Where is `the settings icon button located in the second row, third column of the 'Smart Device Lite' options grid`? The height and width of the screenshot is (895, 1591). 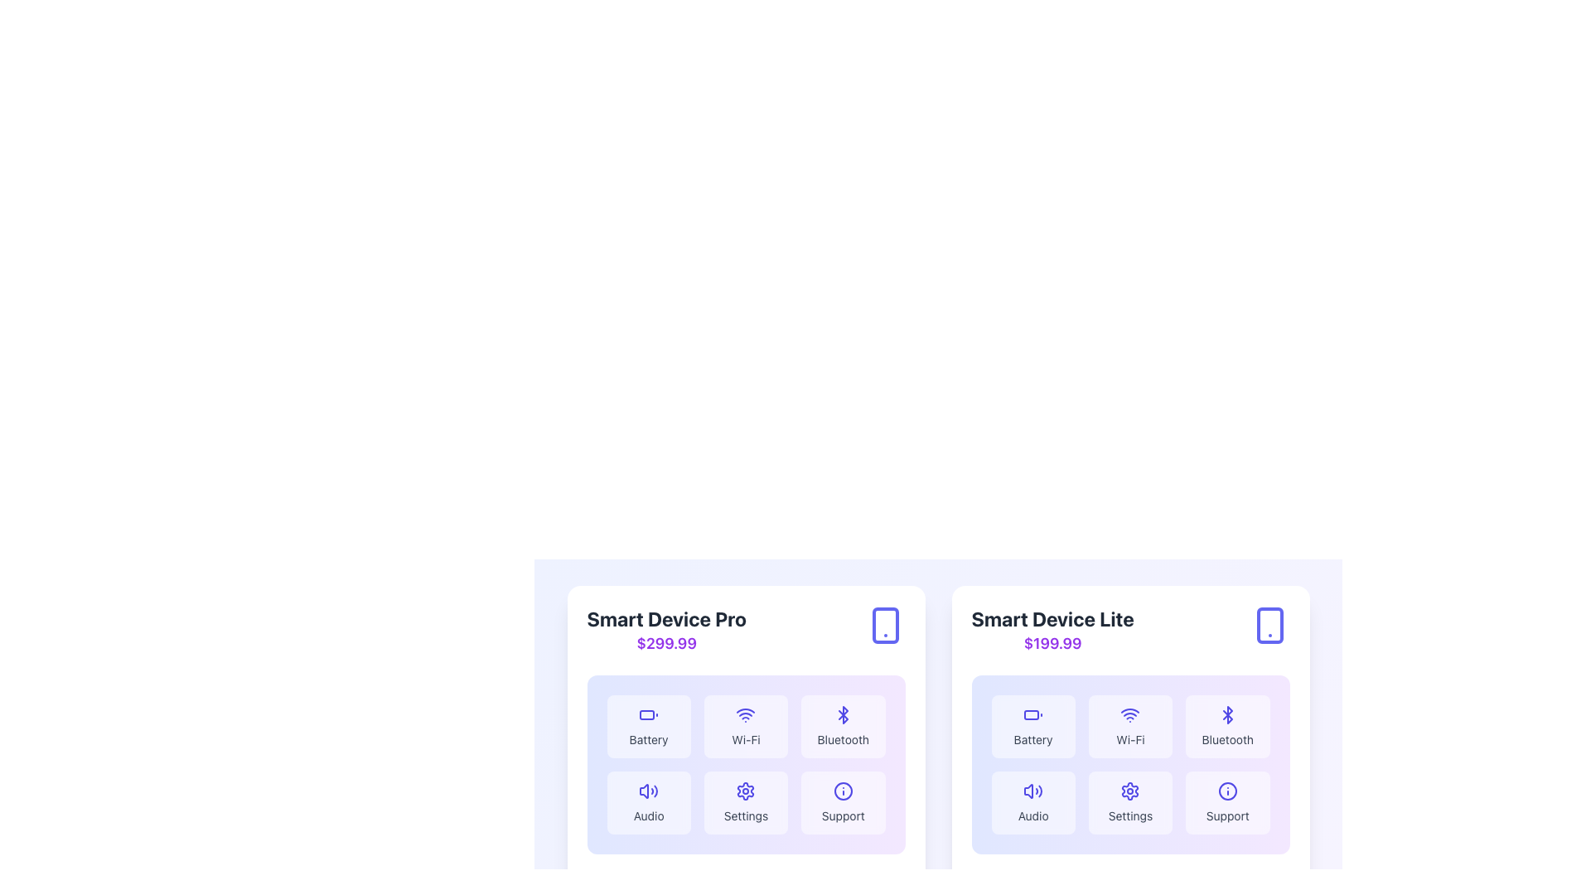 the settings icon button located in the second row, third column of the 'Smart Device Lite' options grid is located at coordinates (1129, 791).